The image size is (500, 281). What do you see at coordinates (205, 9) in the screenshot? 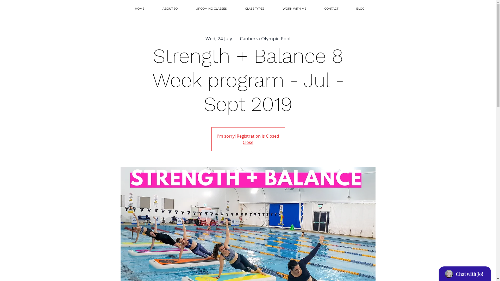
I see `'UPCOMING CLASSES'` at bounding box center [205, 9].